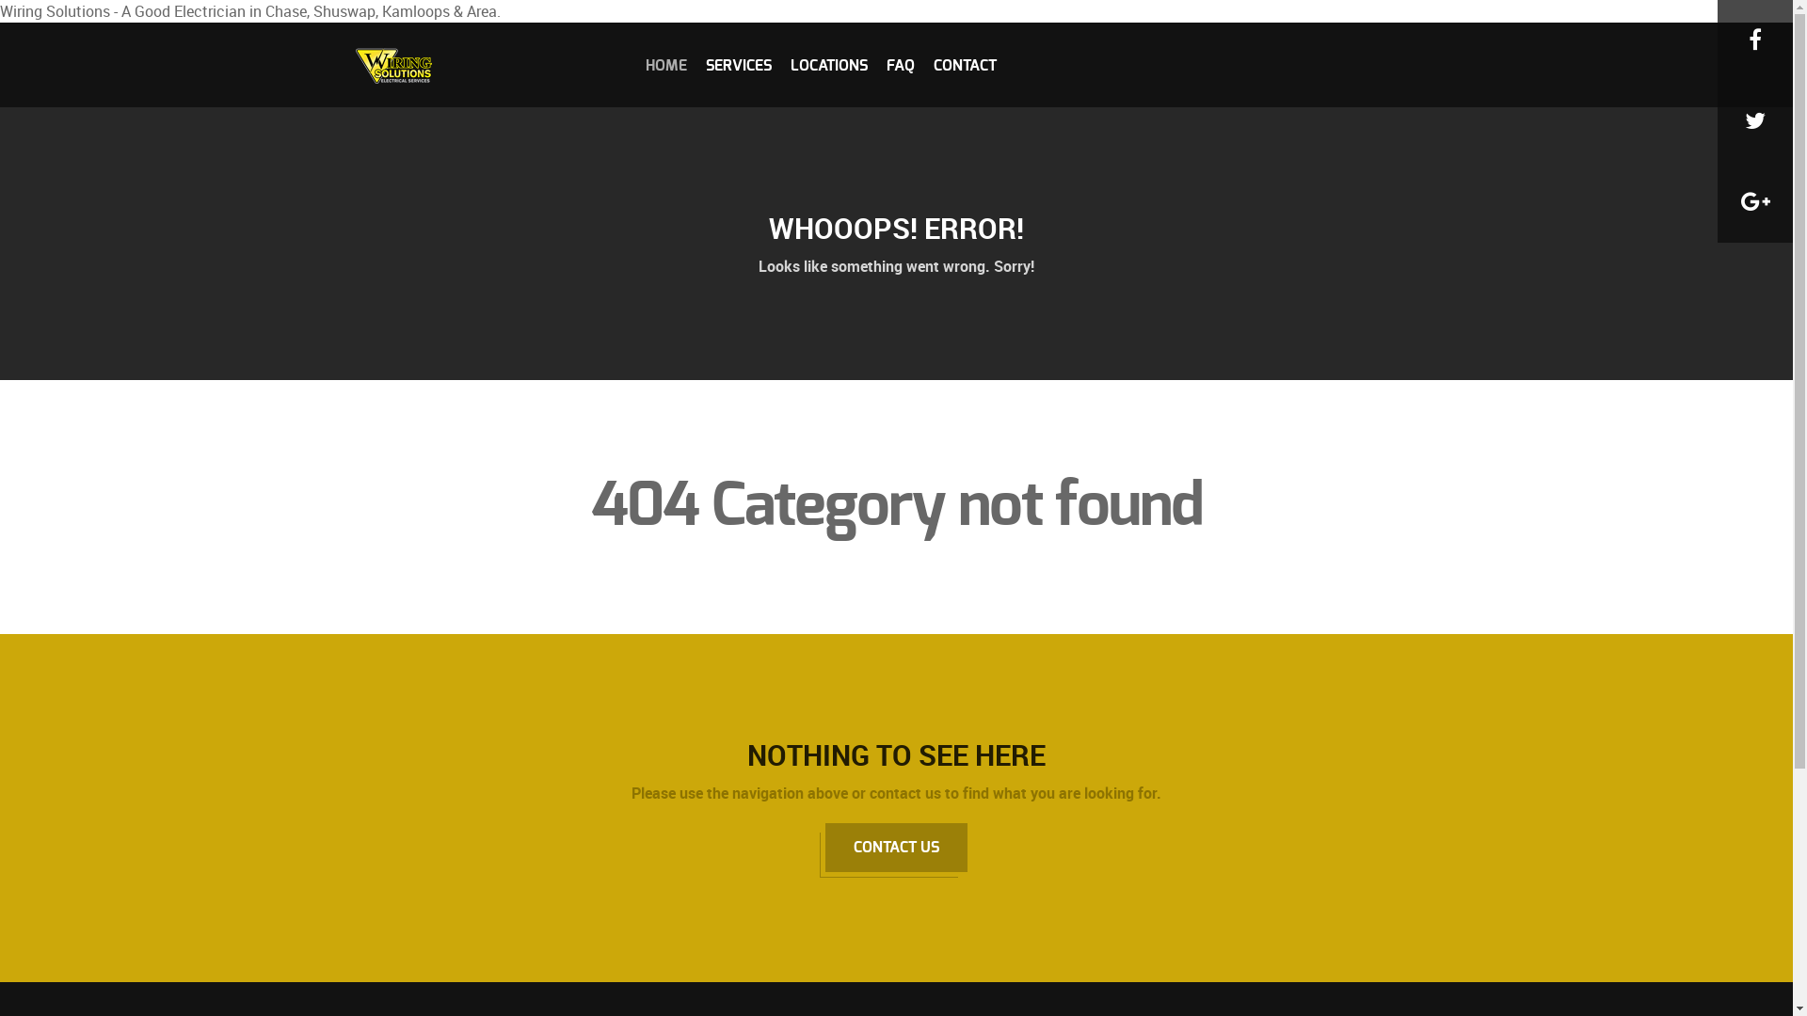  What do you see at coordinates (646, 64) in the screenshot?
I see `'HOME'` at bounding box center [646, 64].